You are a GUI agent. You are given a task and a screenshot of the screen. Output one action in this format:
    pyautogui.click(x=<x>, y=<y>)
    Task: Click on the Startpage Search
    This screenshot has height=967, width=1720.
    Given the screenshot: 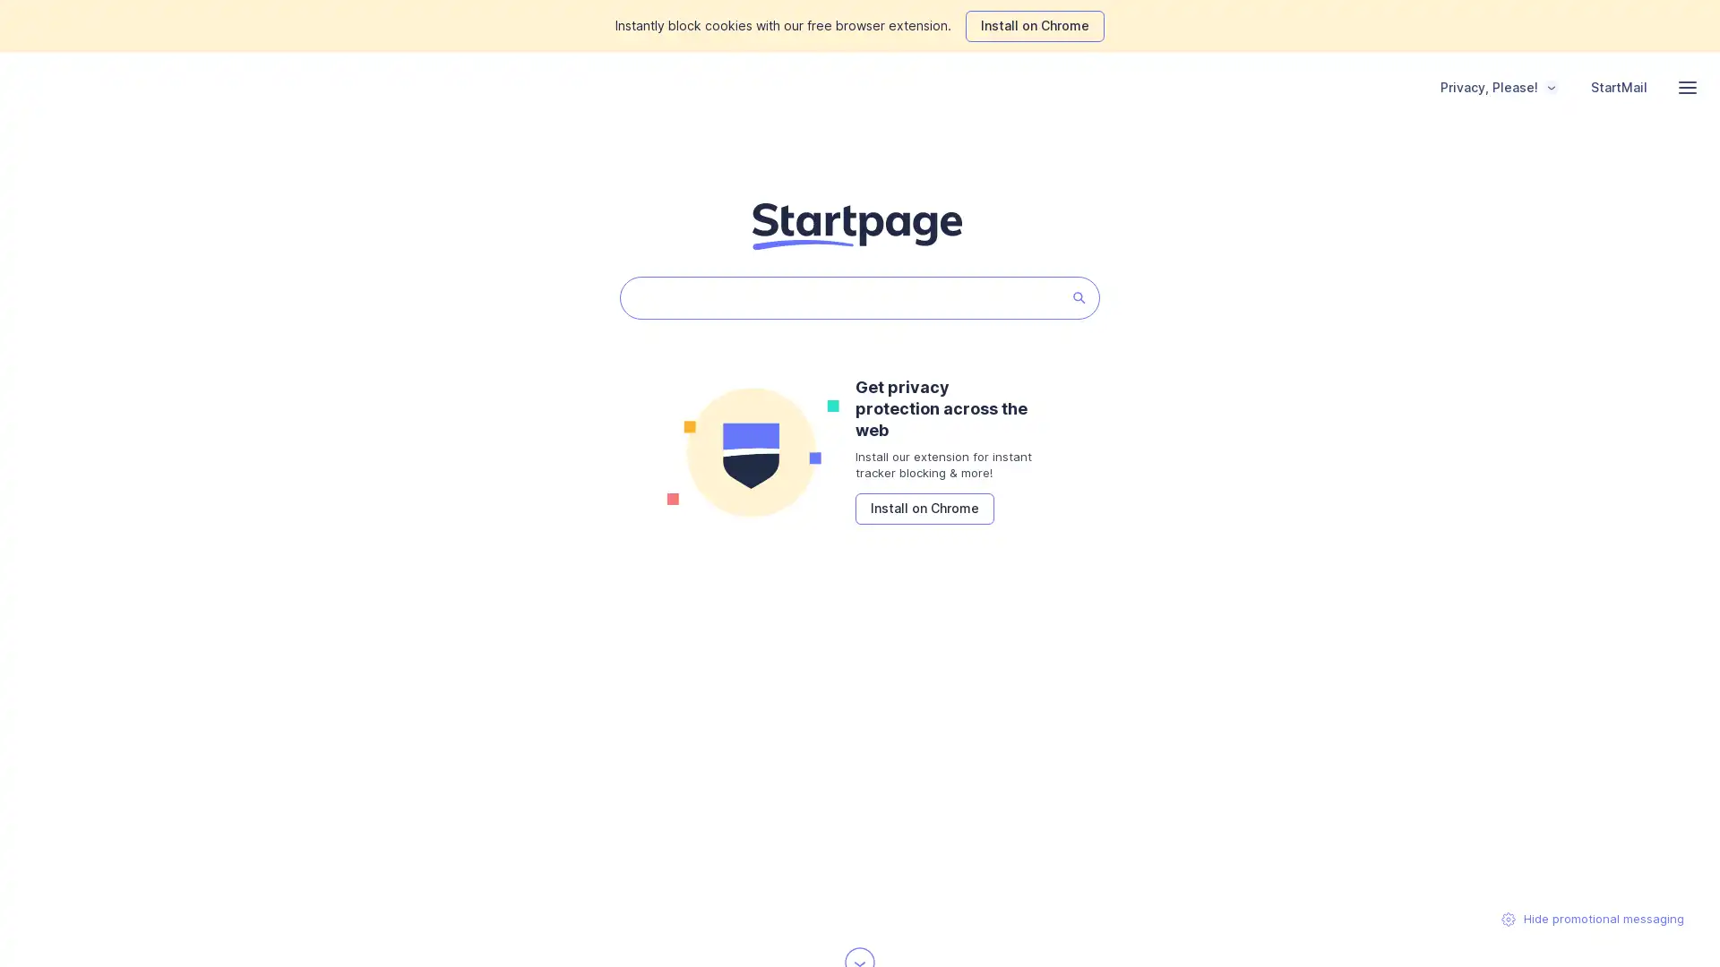 What is the action you would take?
    pyautogui.click(x=1078, y=295)
    